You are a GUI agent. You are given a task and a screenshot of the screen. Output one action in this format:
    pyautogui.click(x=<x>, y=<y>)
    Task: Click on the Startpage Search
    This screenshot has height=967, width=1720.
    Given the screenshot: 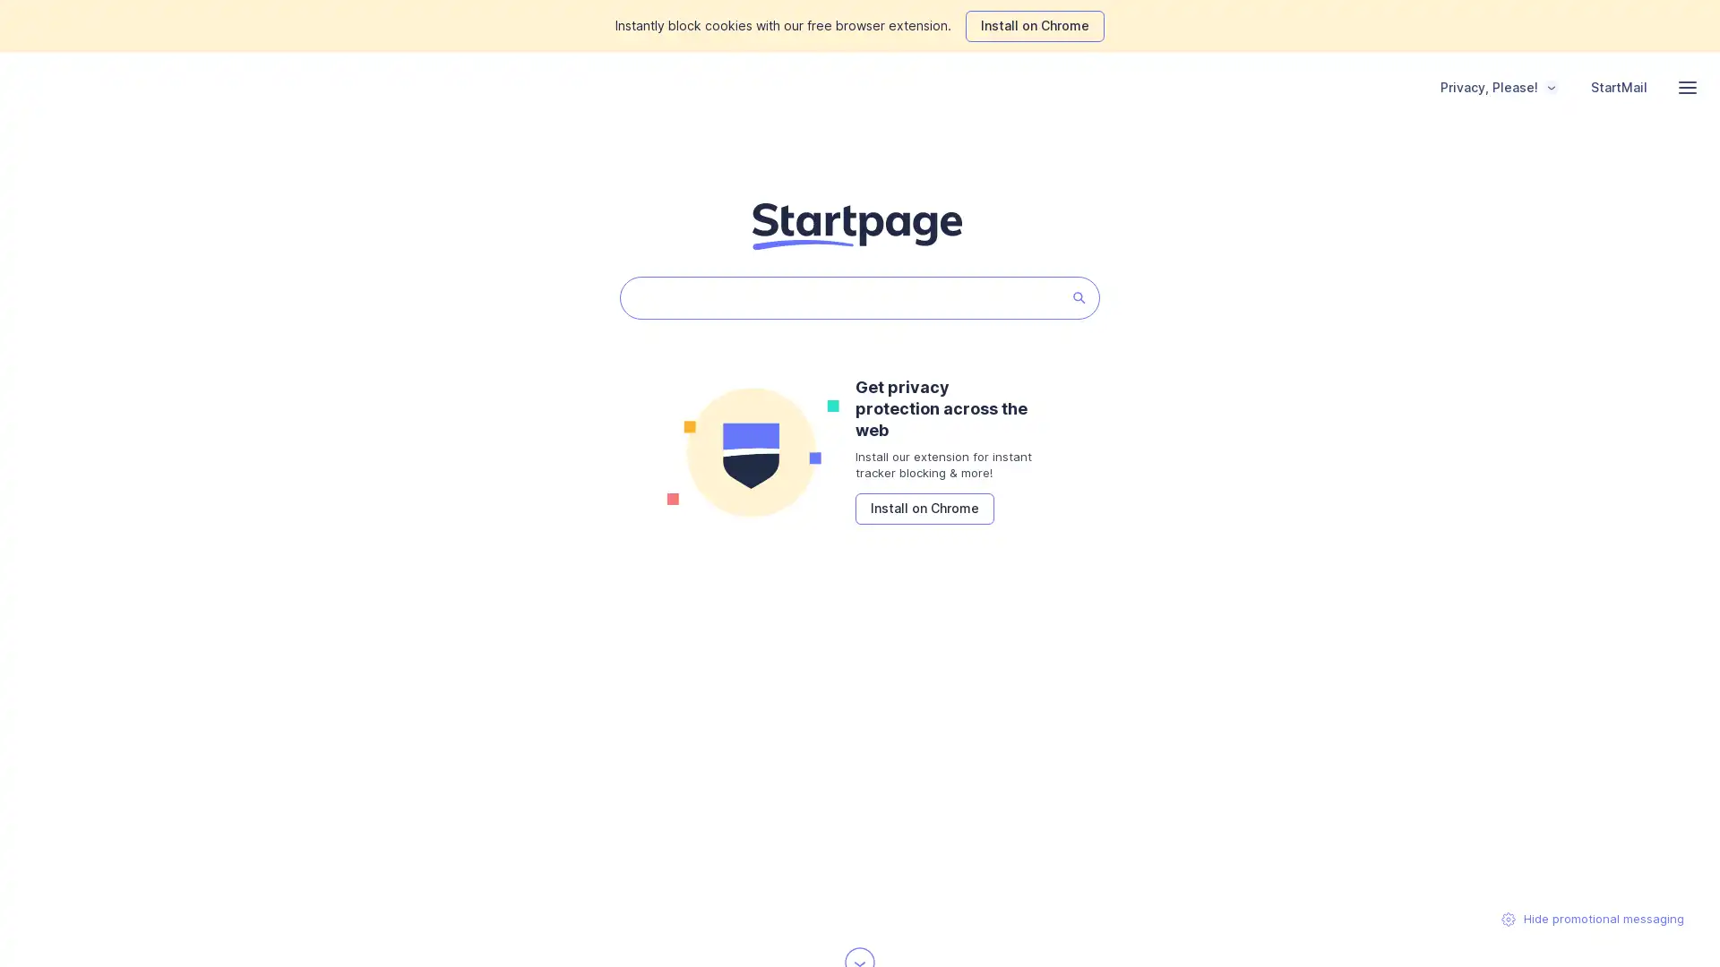 What is the action you would take?
    pyautogui.click(x=1078, y=295)
    